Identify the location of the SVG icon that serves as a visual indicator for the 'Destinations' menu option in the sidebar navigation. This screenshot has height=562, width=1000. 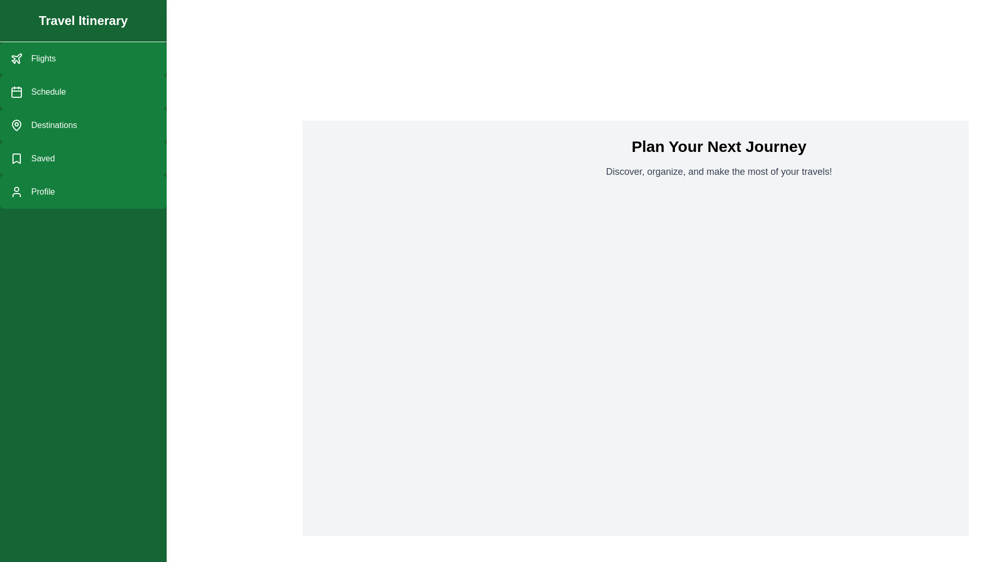
(17, 124).